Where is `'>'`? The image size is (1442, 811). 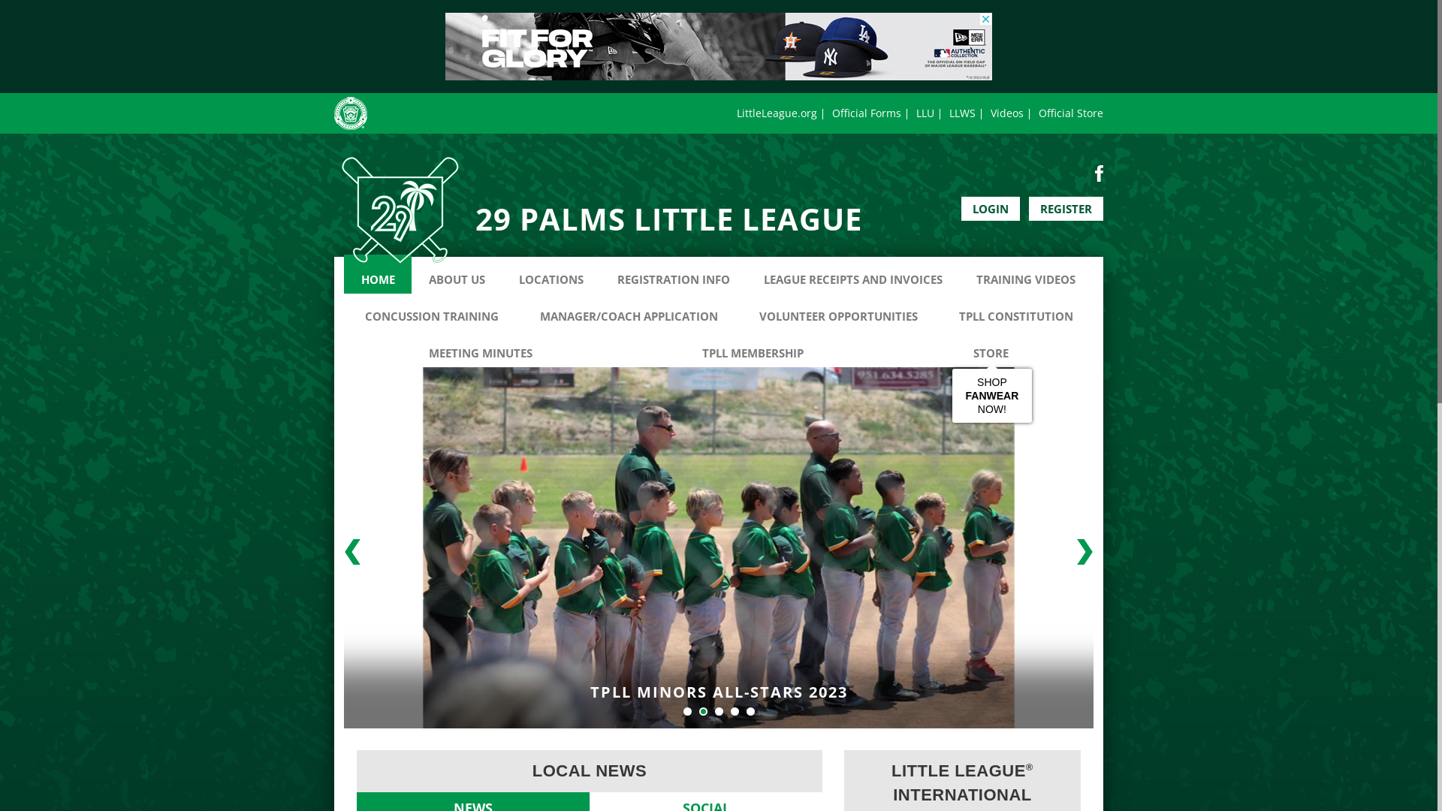
'>' is located at coordinates (1066, 552).